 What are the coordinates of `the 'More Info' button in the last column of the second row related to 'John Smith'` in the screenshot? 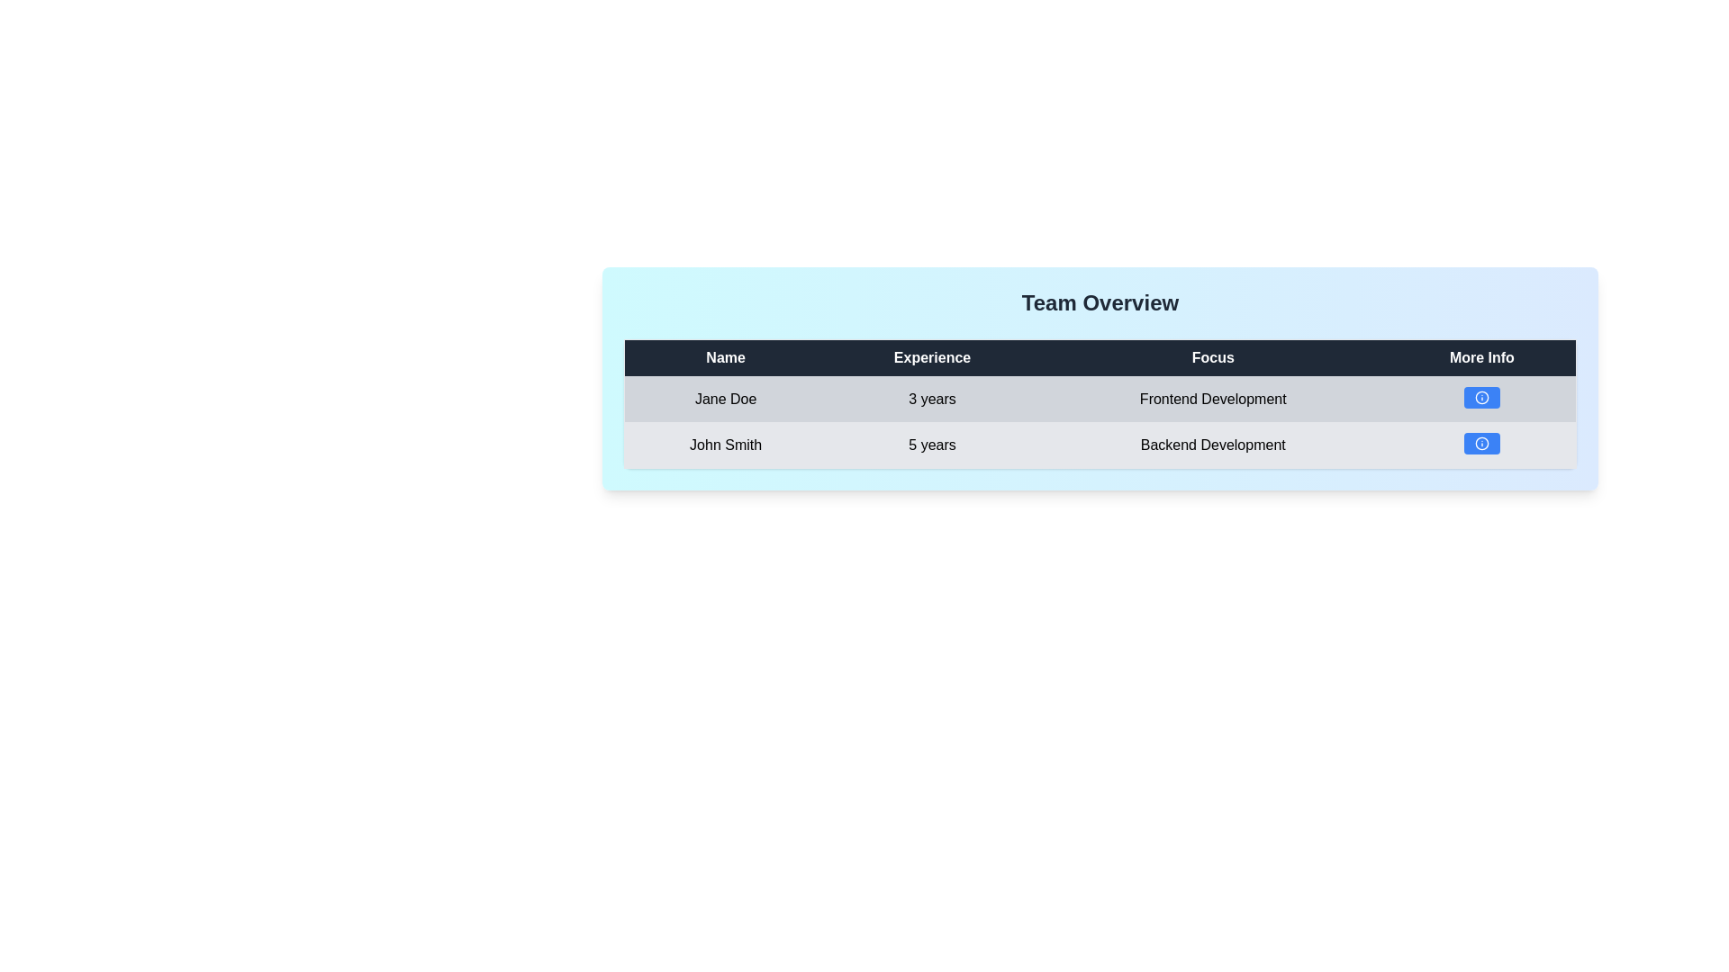 It's located at (1482, 445).